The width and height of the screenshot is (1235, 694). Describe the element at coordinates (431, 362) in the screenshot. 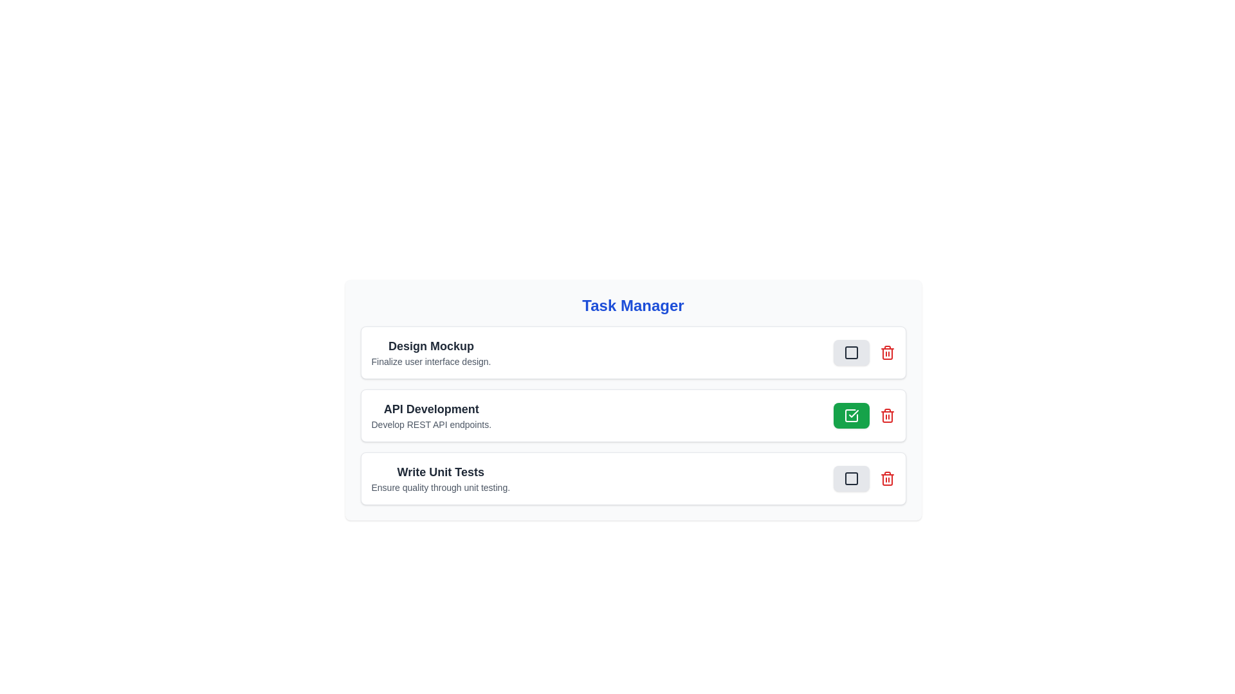

I see `the text label displaying 'Finalize user interface design.' located below the 'Design Mockup' title` at that location.